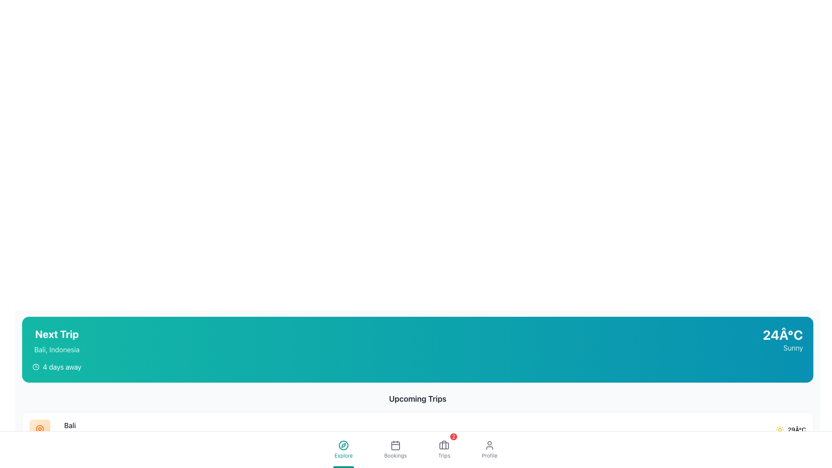 This screenshot has width=832, height=468. What do you see at coordinates (343, 445) in the screenshot?
I see `the compass-shaped icon in the 'Explore' section of the navigation bar` at bounding box center [343, 445].